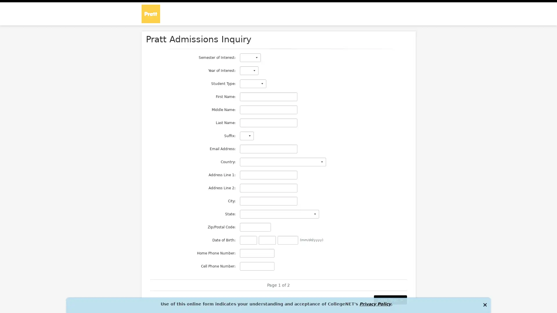 The height and width of the screenshot is (313, 557). Describe the element at coordinates (484, 304) in the screenshot. I see `Close` at that location.